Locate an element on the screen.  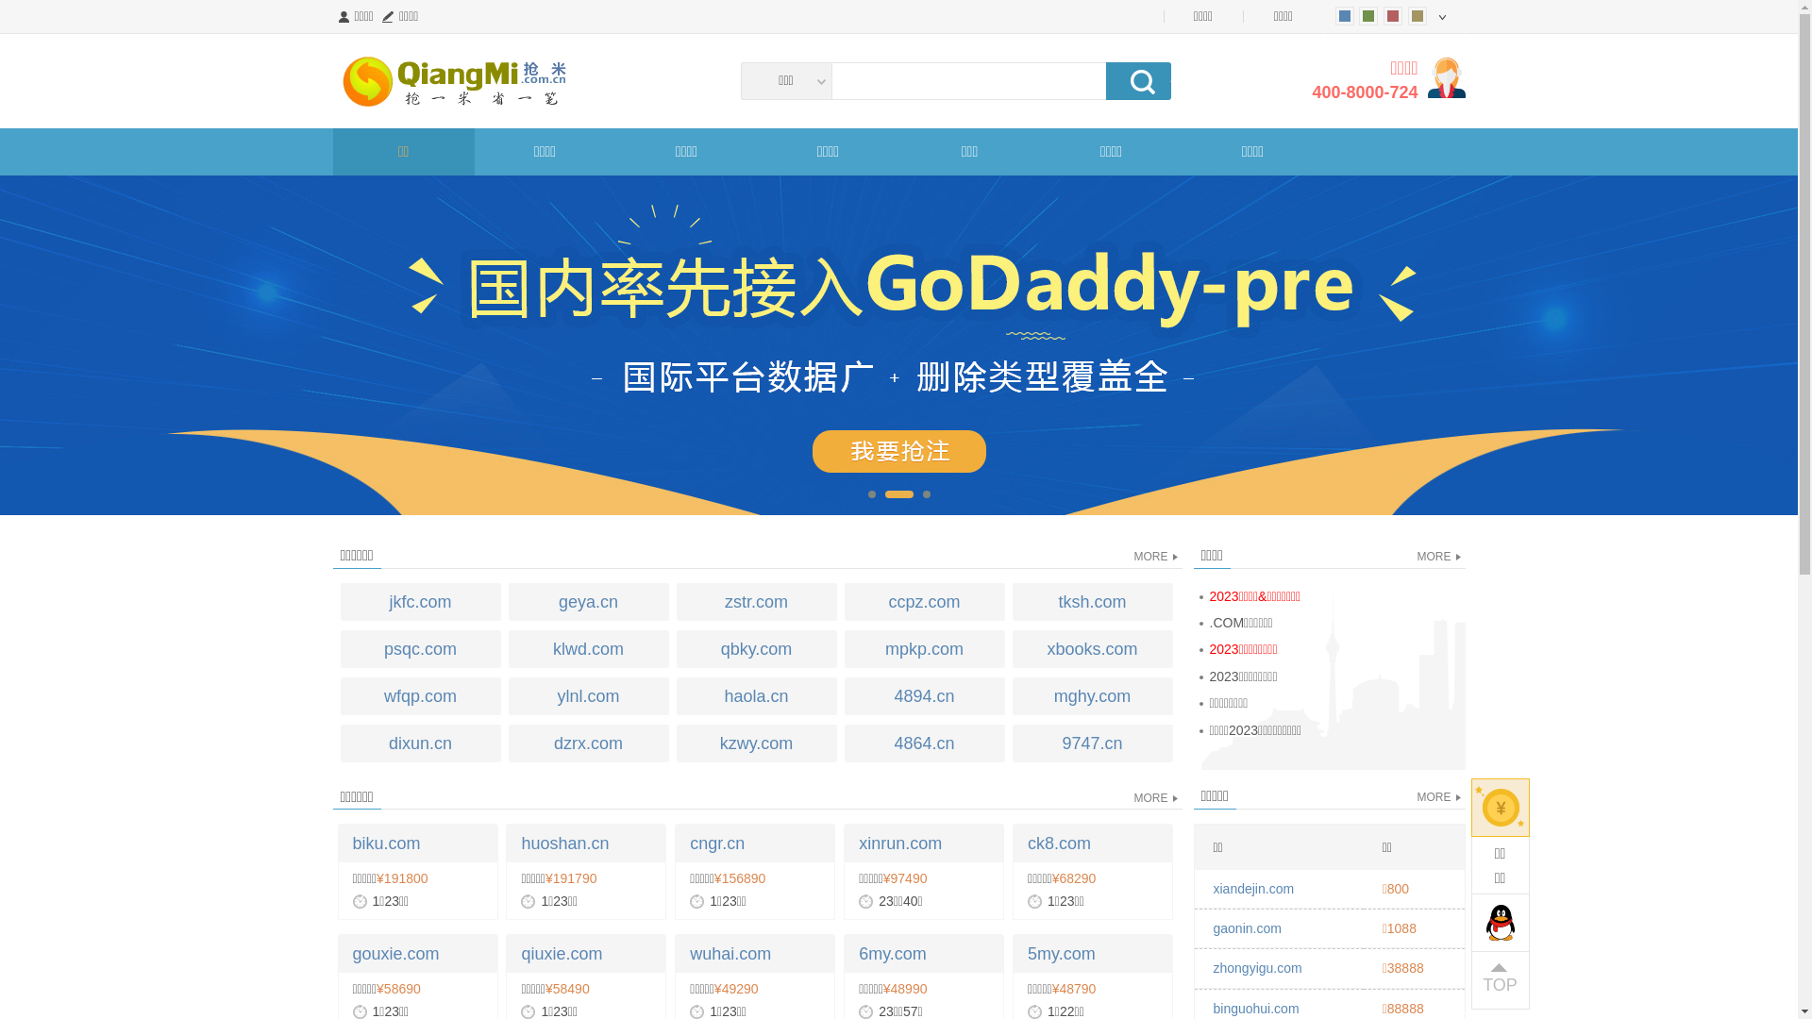
'klwd.com' is located at coordinates (587, 647).